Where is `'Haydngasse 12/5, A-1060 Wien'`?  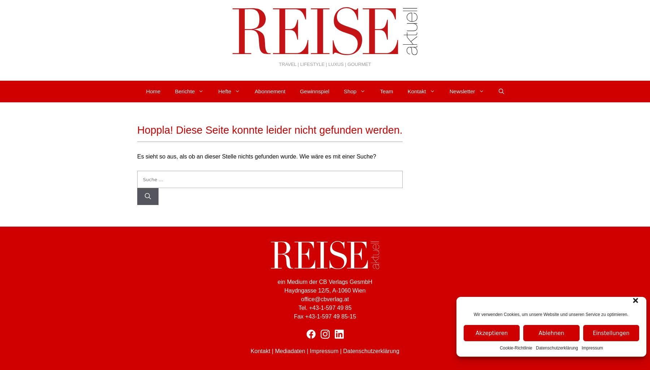 'Haydngasse 12/5, A-1060 Wien' is located at coordinates (325, 290).